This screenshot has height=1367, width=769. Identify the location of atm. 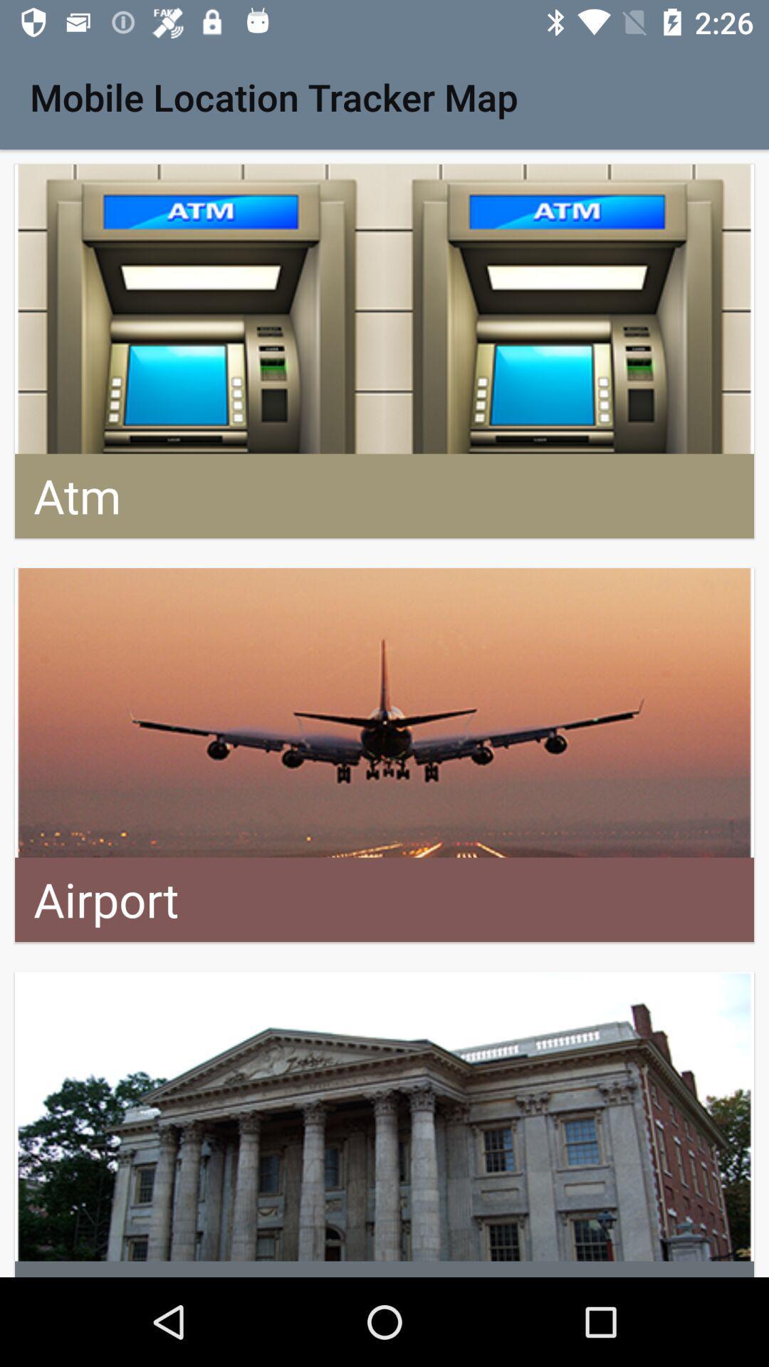
(384, 351).